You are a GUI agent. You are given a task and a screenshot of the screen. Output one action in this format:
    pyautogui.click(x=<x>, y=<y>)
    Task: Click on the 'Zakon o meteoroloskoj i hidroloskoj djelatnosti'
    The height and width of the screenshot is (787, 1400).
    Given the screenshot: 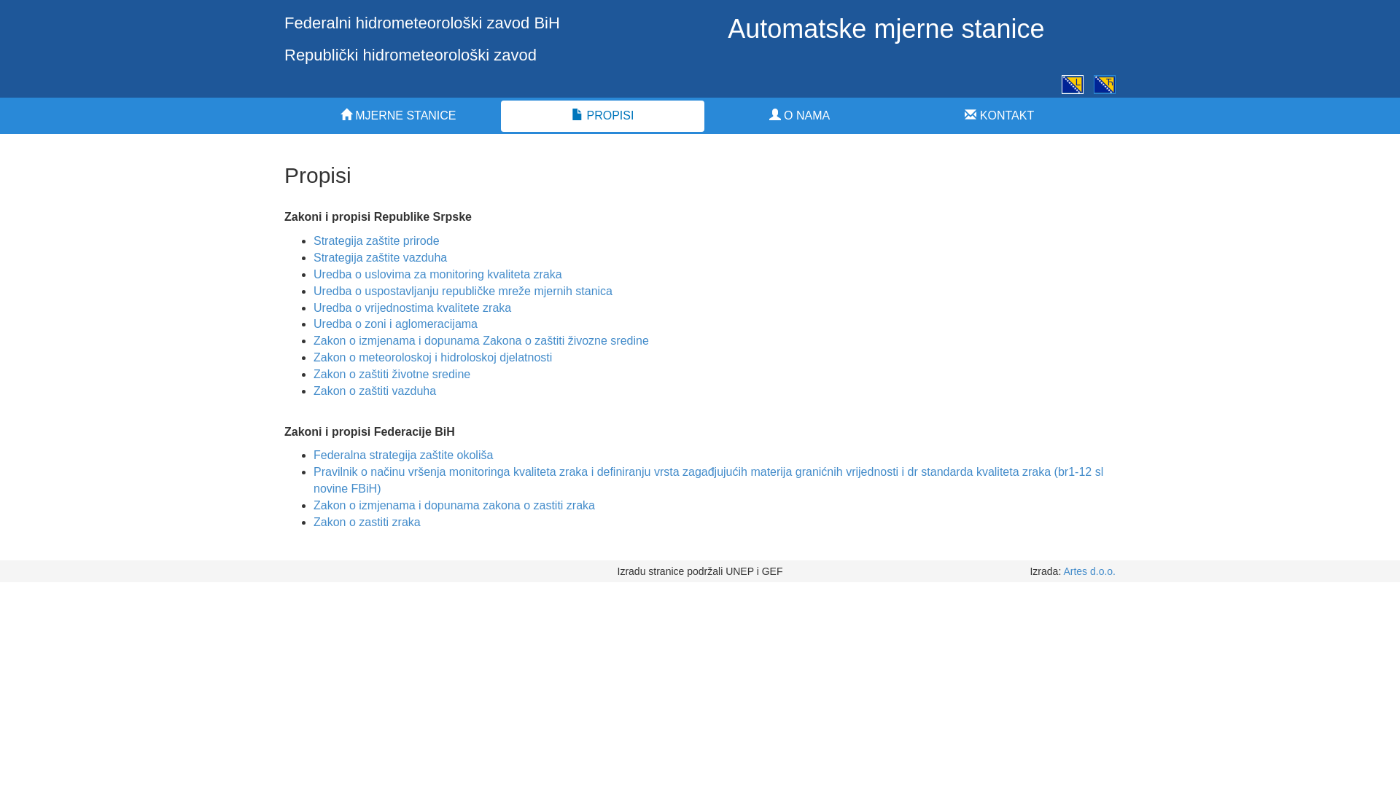 What is the action you would take?
    pyautogui.click(x=432, y=357)
    